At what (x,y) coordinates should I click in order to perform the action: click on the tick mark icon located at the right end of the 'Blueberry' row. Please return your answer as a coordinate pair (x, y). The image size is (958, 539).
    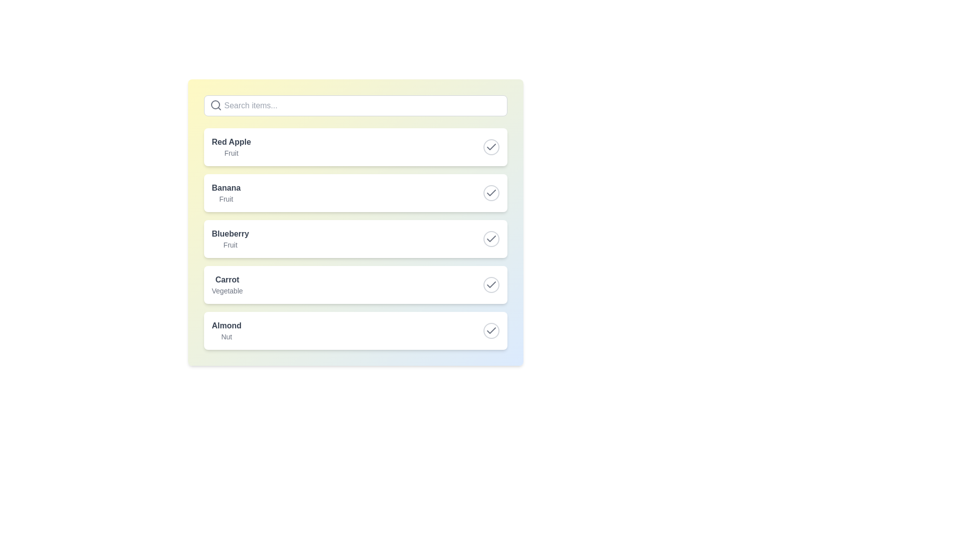
    Looking at the image, I should click on (491, 239).